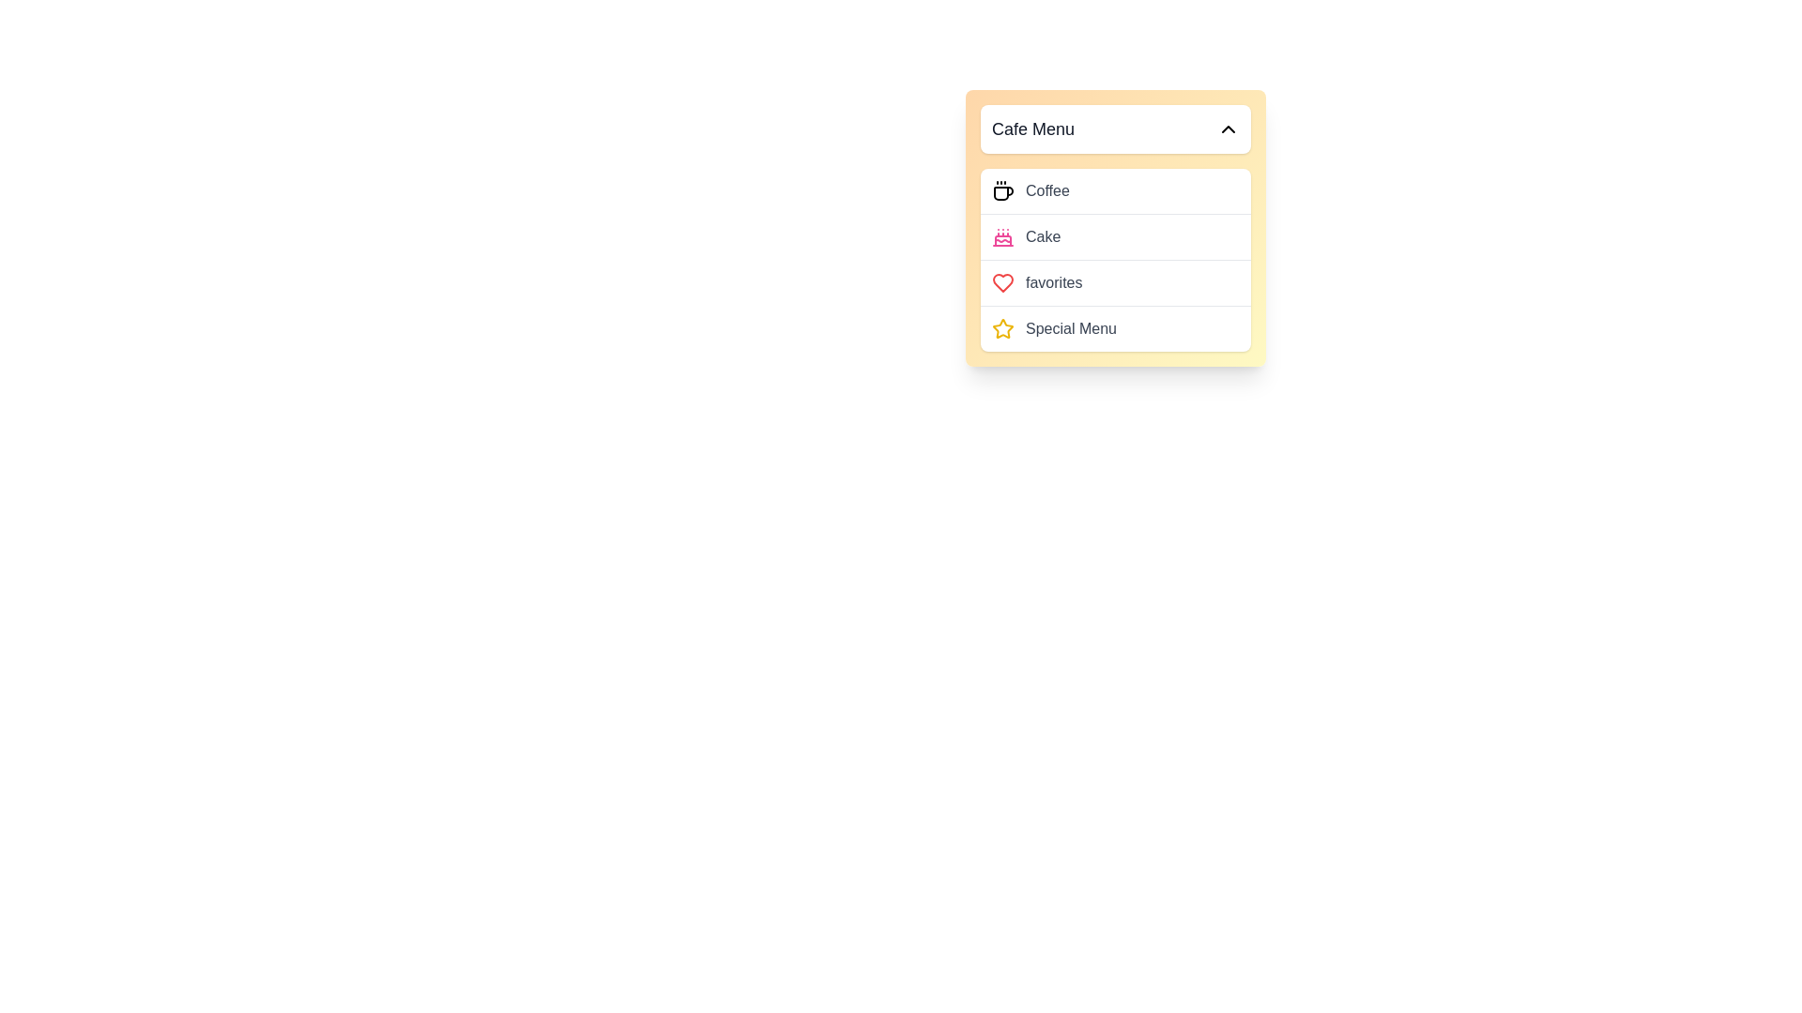 Image resolution: width=1802 pixels, height=1013 pixels. What do you see at coordinates (1116, 282) in the screenshot?
I see `the 'Favorites' option in the Cafe Menu, which is the third row inside a vertical menu list, positioned between 'Cake' and 'Special Menu'` at bounding box center [1116, 282].